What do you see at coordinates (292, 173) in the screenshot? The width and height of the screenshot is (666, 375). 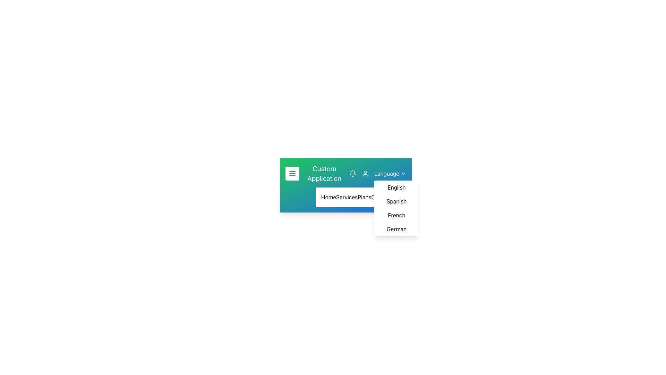 I see `the menu icon button located in the header bar of the interface` at bounding box center [292, 173].